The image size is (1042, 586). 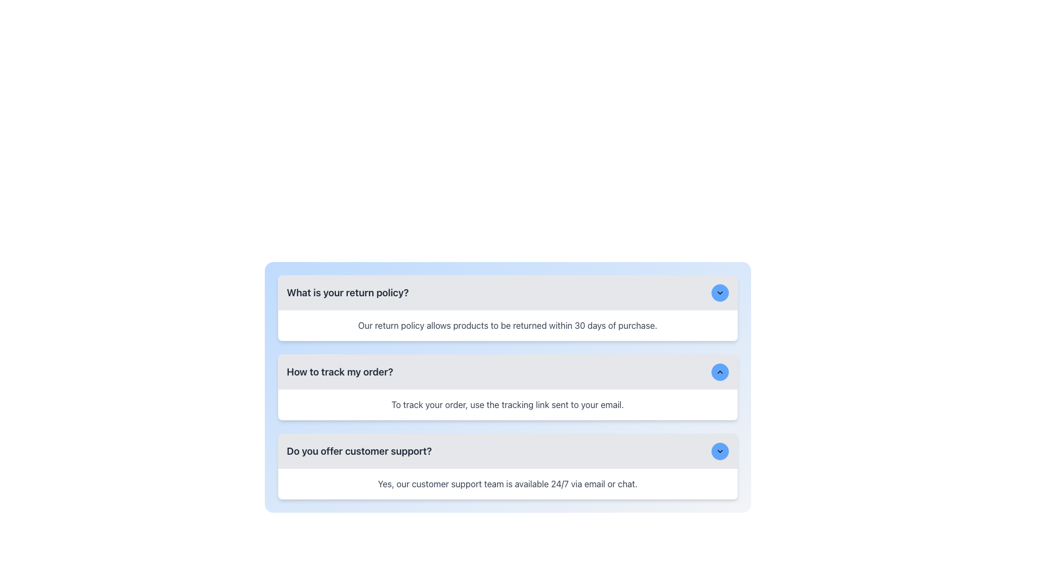 I want to click on the informational text that guides users to refer to a tracking link sent via email, located in the second section of a bordered and rounded box, beneath 'How to track my order?' and above 'Do you offer customer support?', so click(x=507, y=404).